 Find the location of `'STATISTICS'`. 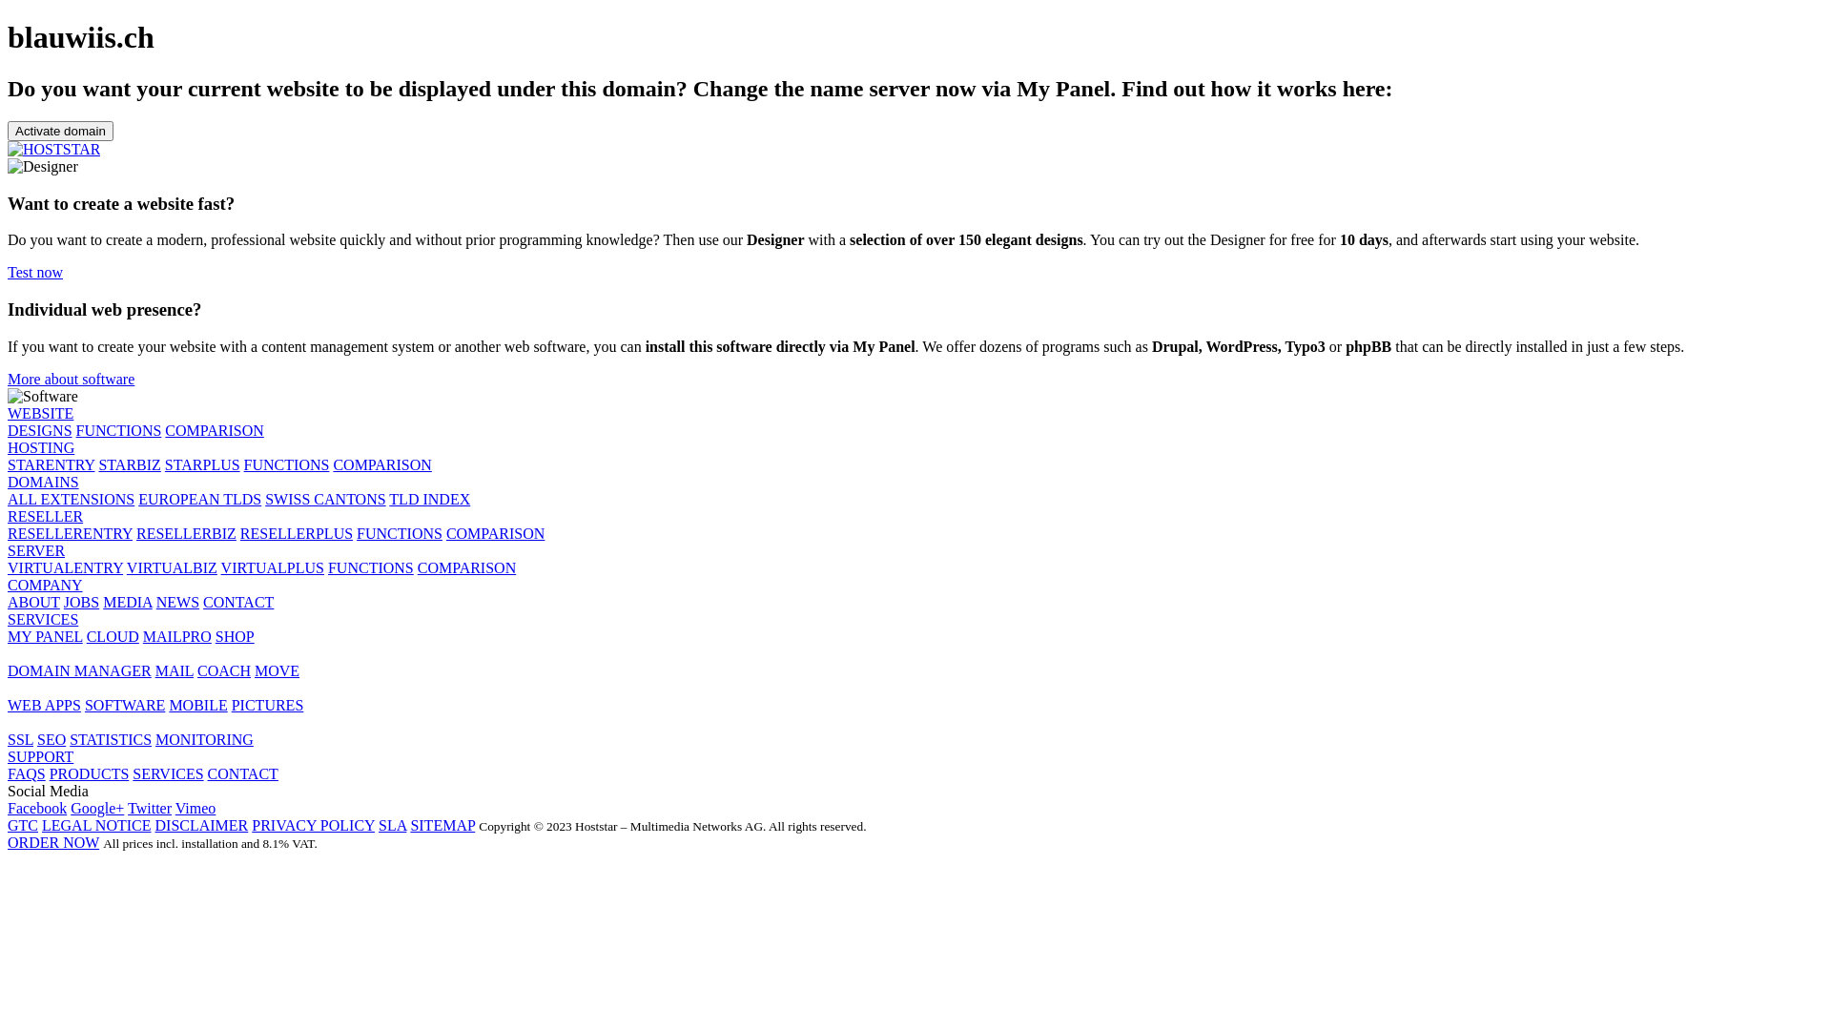

'STATISTICS' is located at coordinates (109, 738).